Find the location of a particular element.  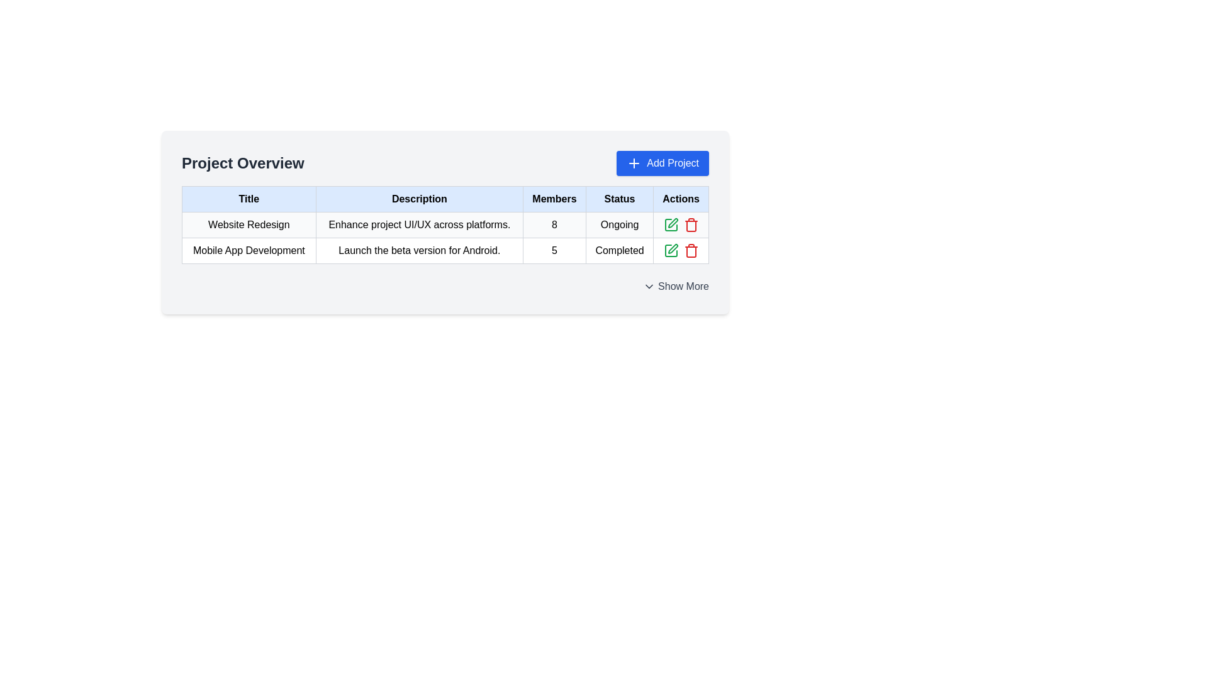

the edit function icon, which is a small pen graphic located in the 'Actions' column of the second row for the 'Mobile App Development' project is located at coordinates (672, 249).